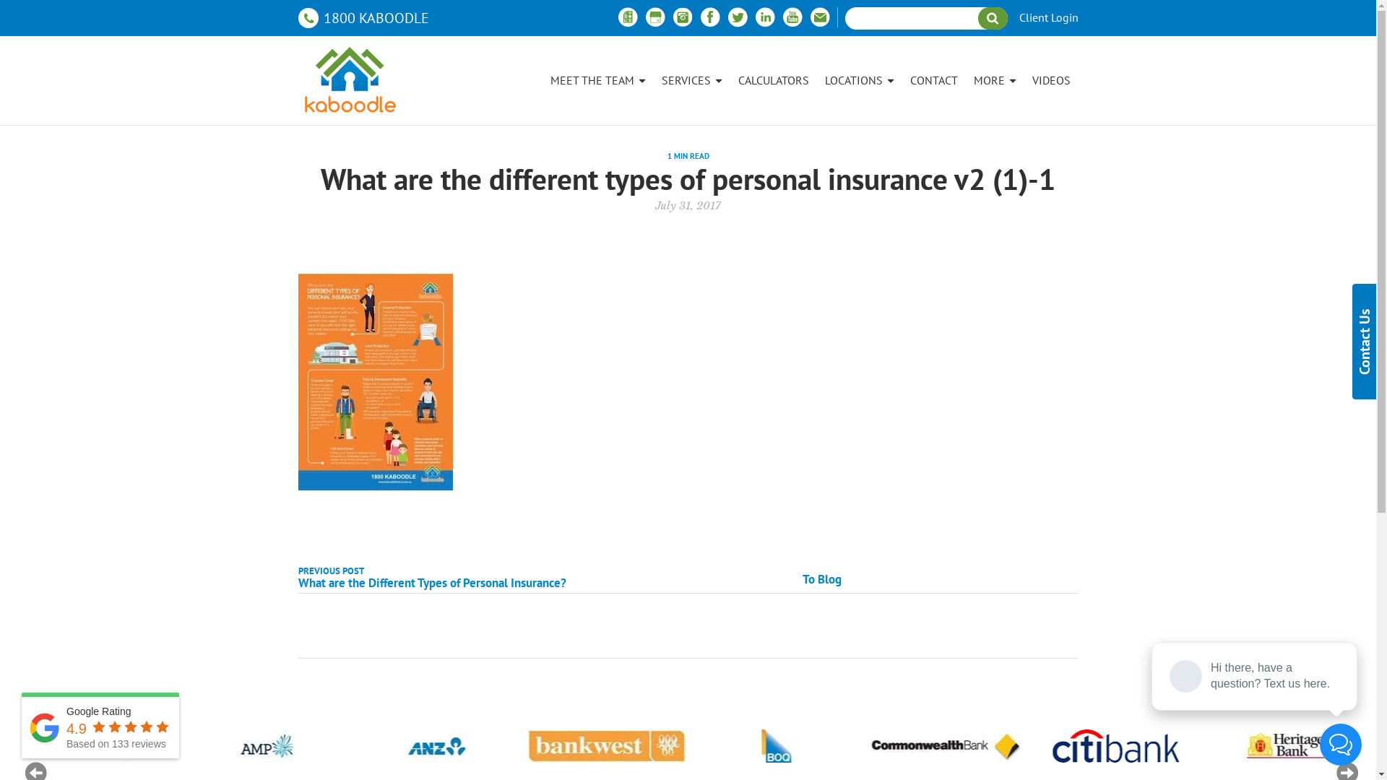  What do you see at coordinates (265, 746) in the screenshot?
I see `'Logo 03'` at bounding box center [265, 746].